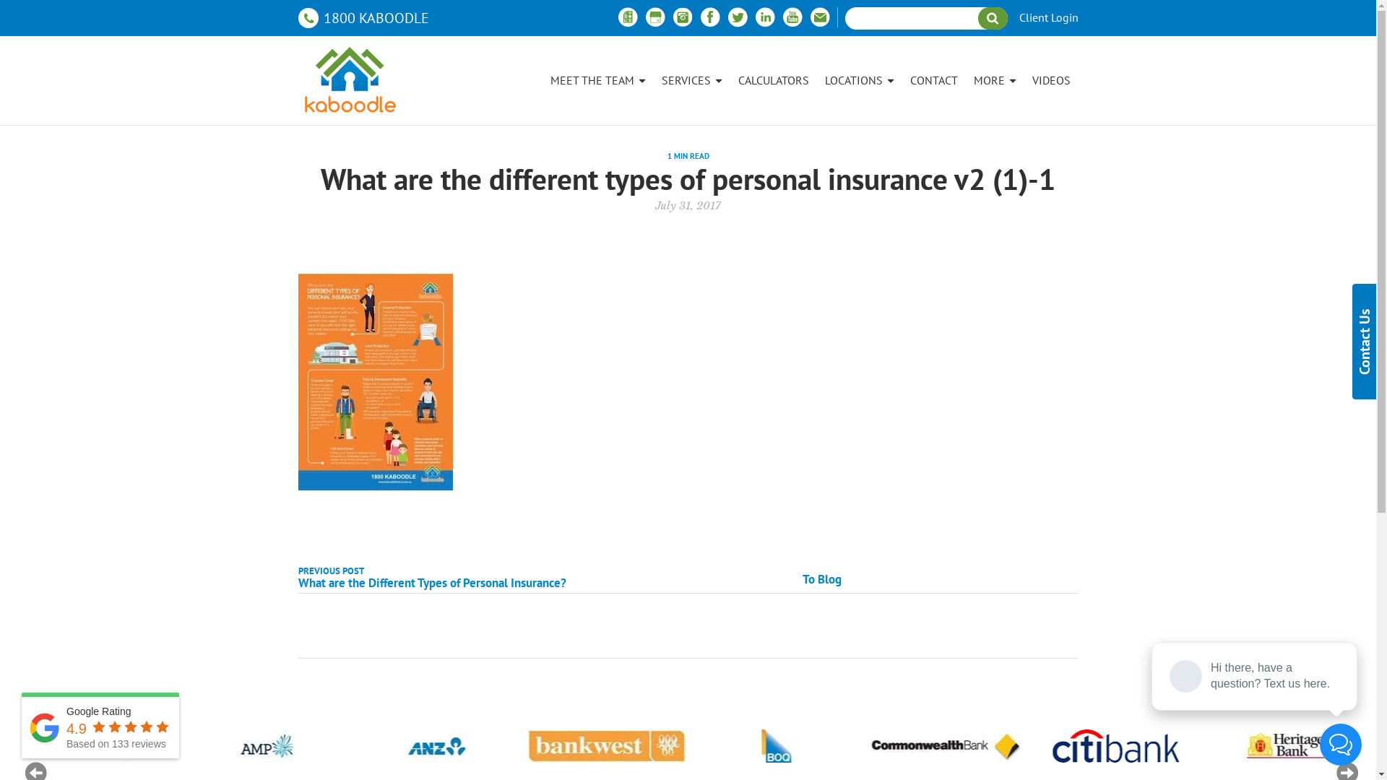  What do you see at coordinates (265, 746) in the screenshot?
I see `'Logo 03'` at bounding box center [265, 746].